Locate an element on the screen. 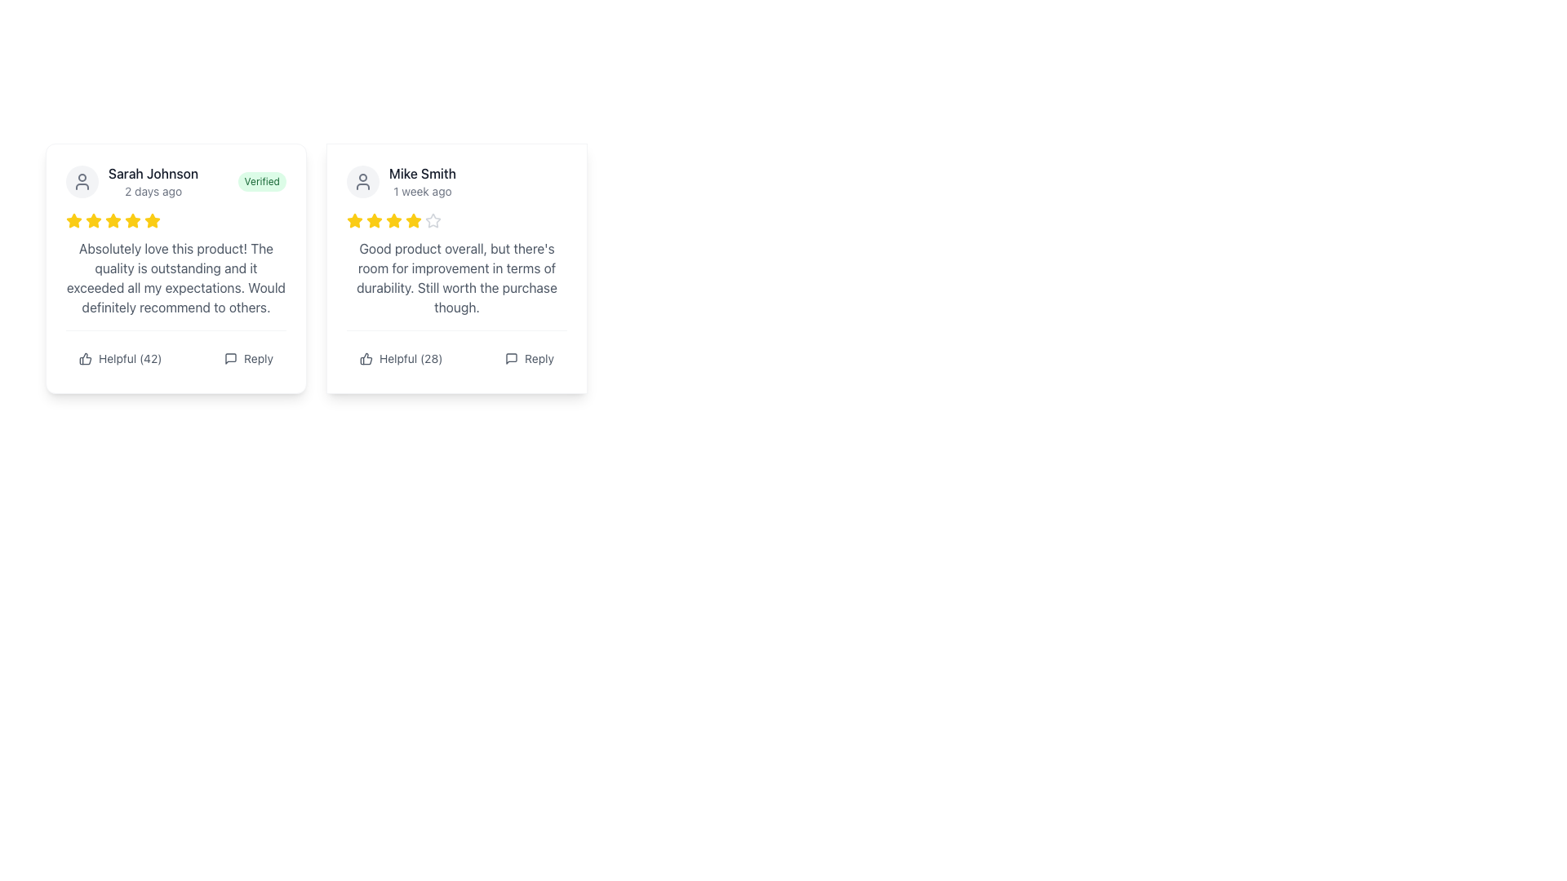 The height and width of the screenshot is (881, 1567). the third star icon in the five-star rating system on Sarah Johnson's review card is located at coordinates (133, 220).